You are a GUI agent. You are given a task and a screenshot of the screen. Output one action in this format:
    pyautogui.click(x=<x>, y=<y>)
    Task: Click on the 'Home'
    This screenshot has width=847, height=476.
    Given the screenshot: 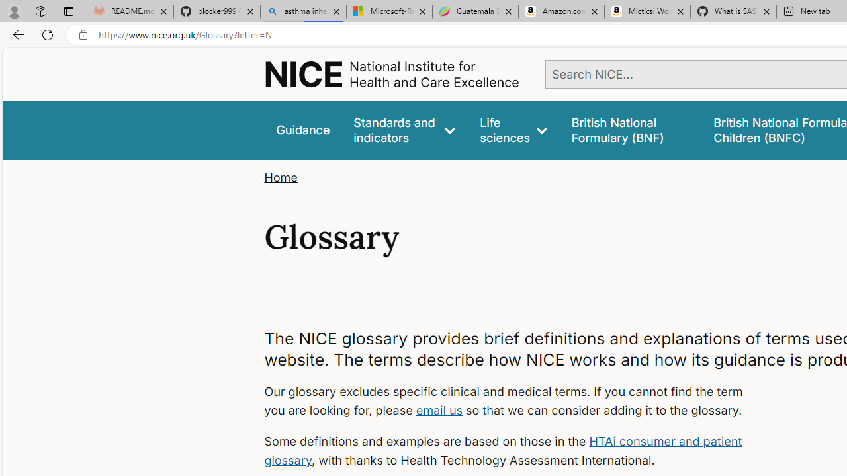 What is the action you would take?
    pyautogui.click(x=280, y=177)
    